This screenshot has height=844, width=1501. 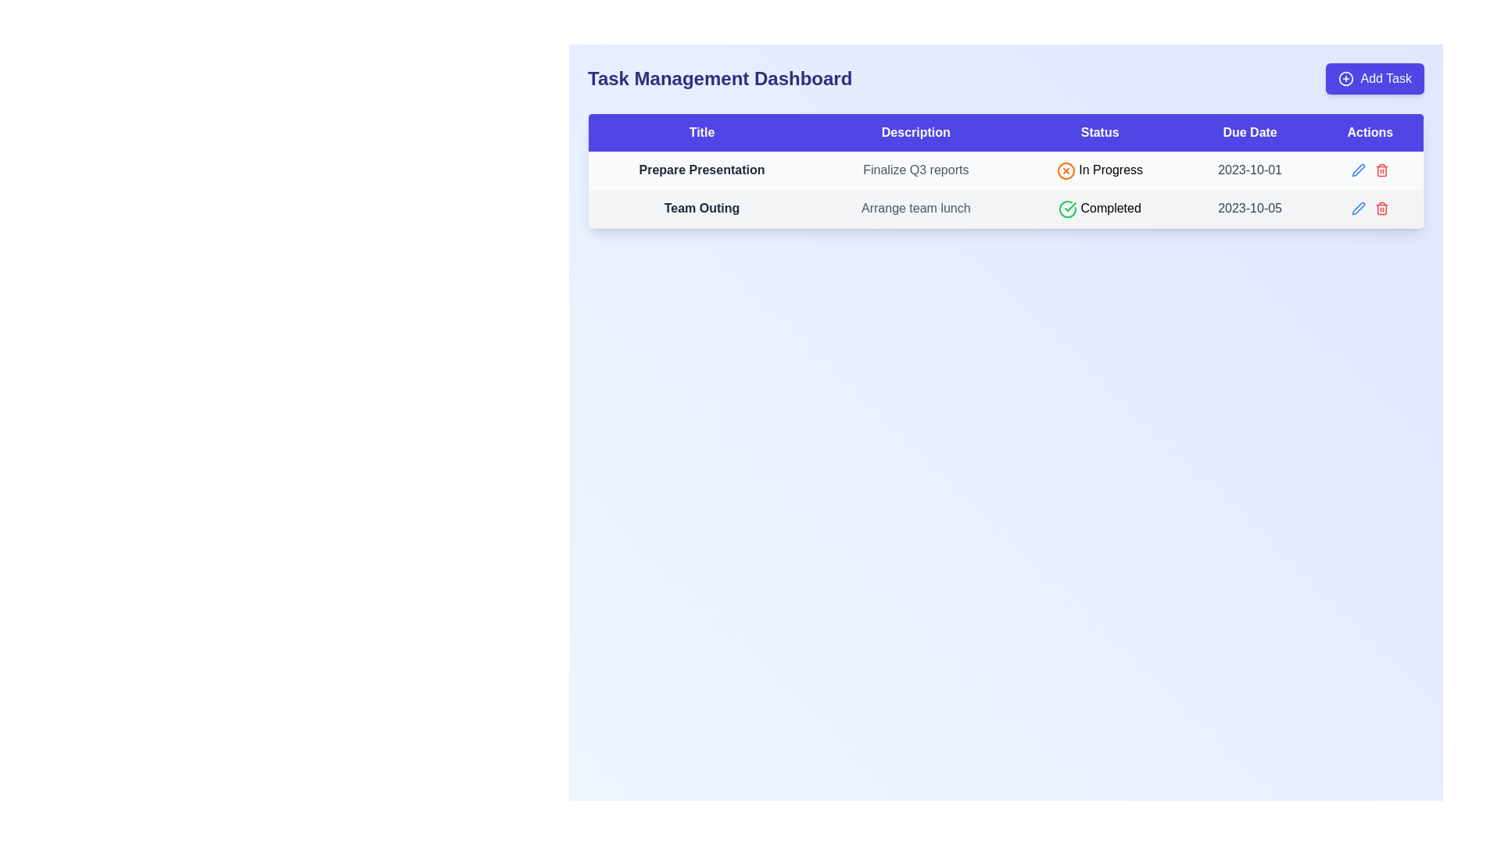 I want to click on the 'Status' tab in the table header row, which is the third tab among five, with a blue background and white text, so click(x=1099, y=131).